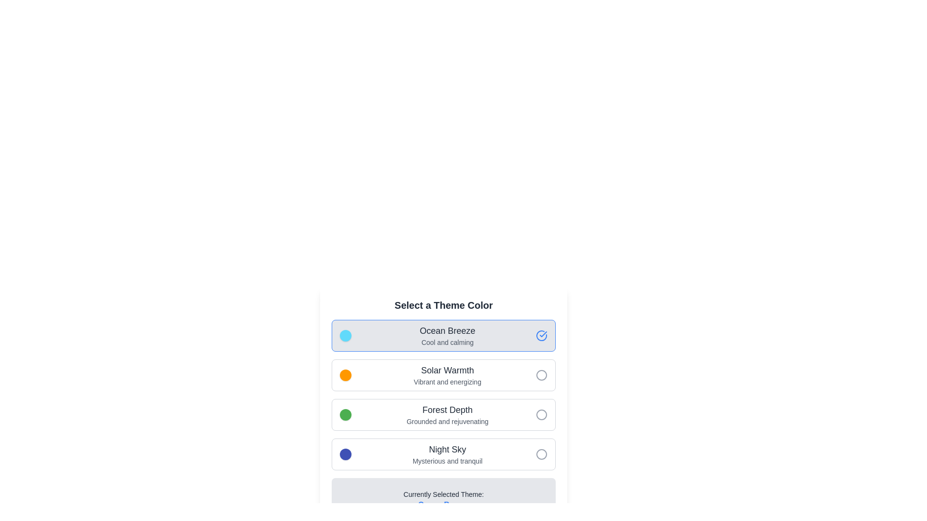  Describe the element at coordinates (447, 421) in the screenshot. I see `the static text label providing details about the 'Forest Depth' theme, which is located below the title in the theme options list` at that location.